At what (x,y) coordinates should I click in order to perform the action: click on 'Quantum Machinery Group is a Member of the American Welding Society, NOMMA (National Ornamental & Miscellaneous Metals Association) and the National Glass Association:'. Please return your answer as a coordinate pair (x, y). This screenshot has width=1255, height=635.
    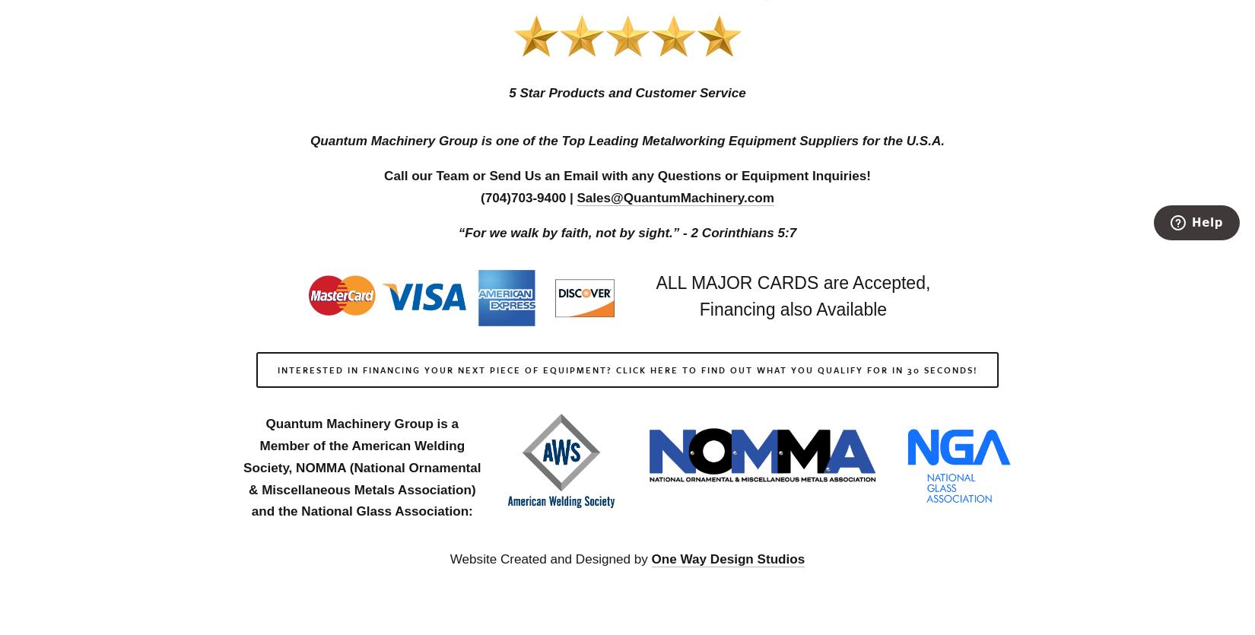
    Looking at the image, I should click on (363, 466).